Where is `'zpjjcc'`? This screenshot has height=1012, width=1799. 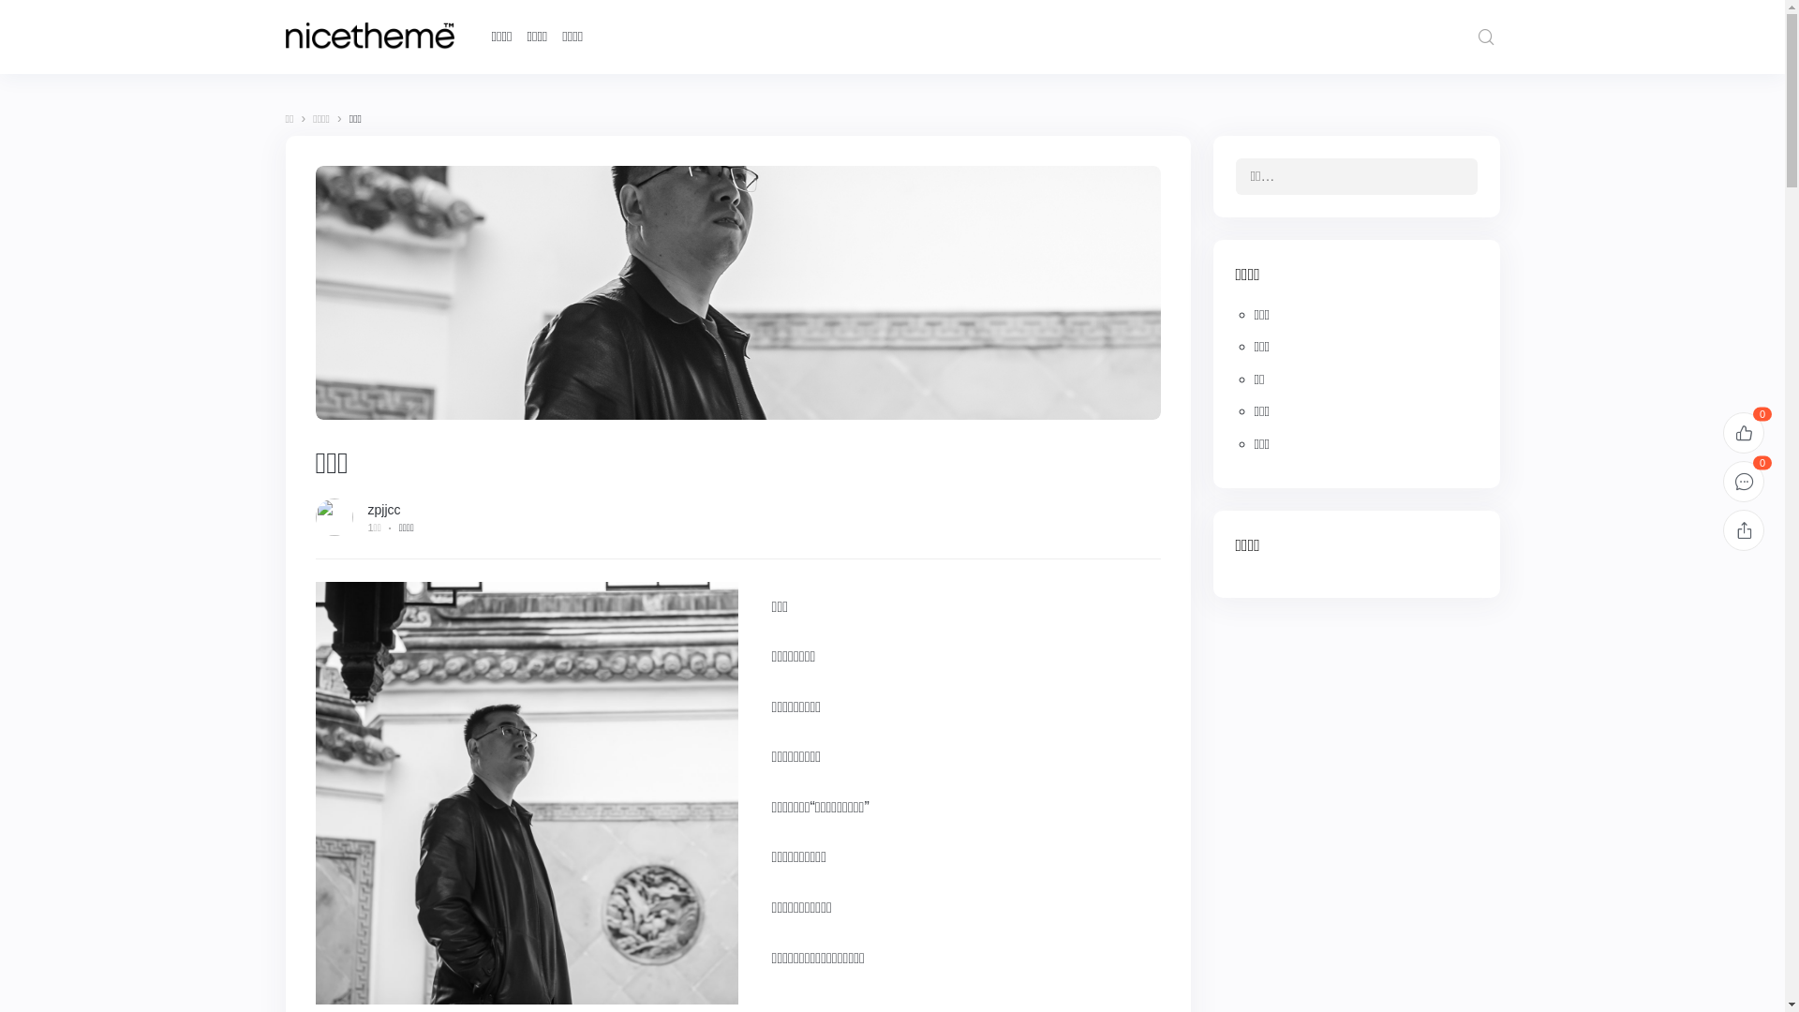 'zpjjcc' is located at coordinates (382, 509).